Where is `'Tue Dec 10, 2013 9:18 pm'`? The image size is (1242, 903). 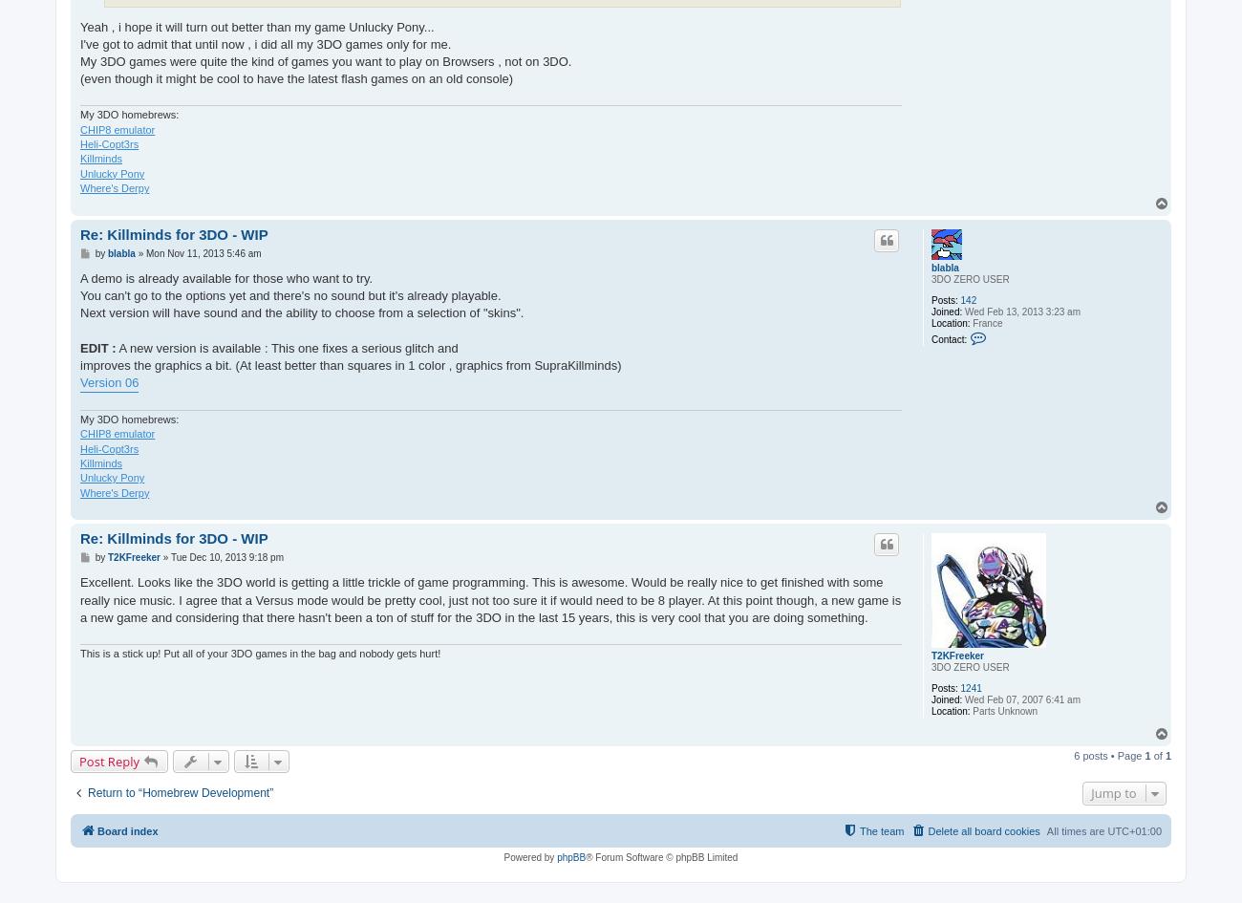
'Tue Dec 10, 2013 9:18 pm' is located at coordinates (225, 557).